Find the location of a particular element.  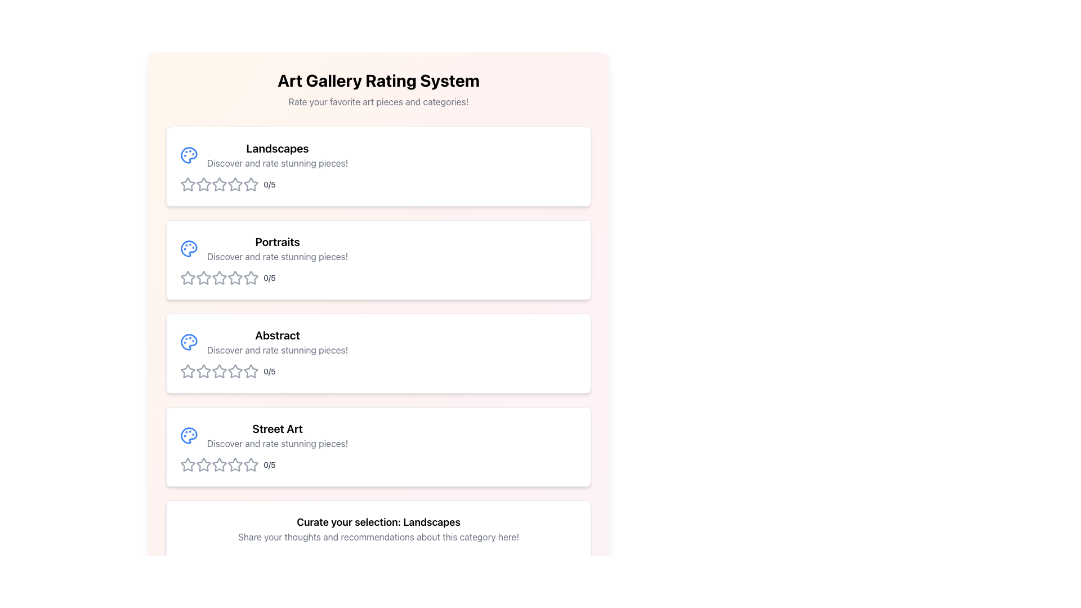

the fourth star icon in the 'Abstract' category is located at coordinates (251, 371).